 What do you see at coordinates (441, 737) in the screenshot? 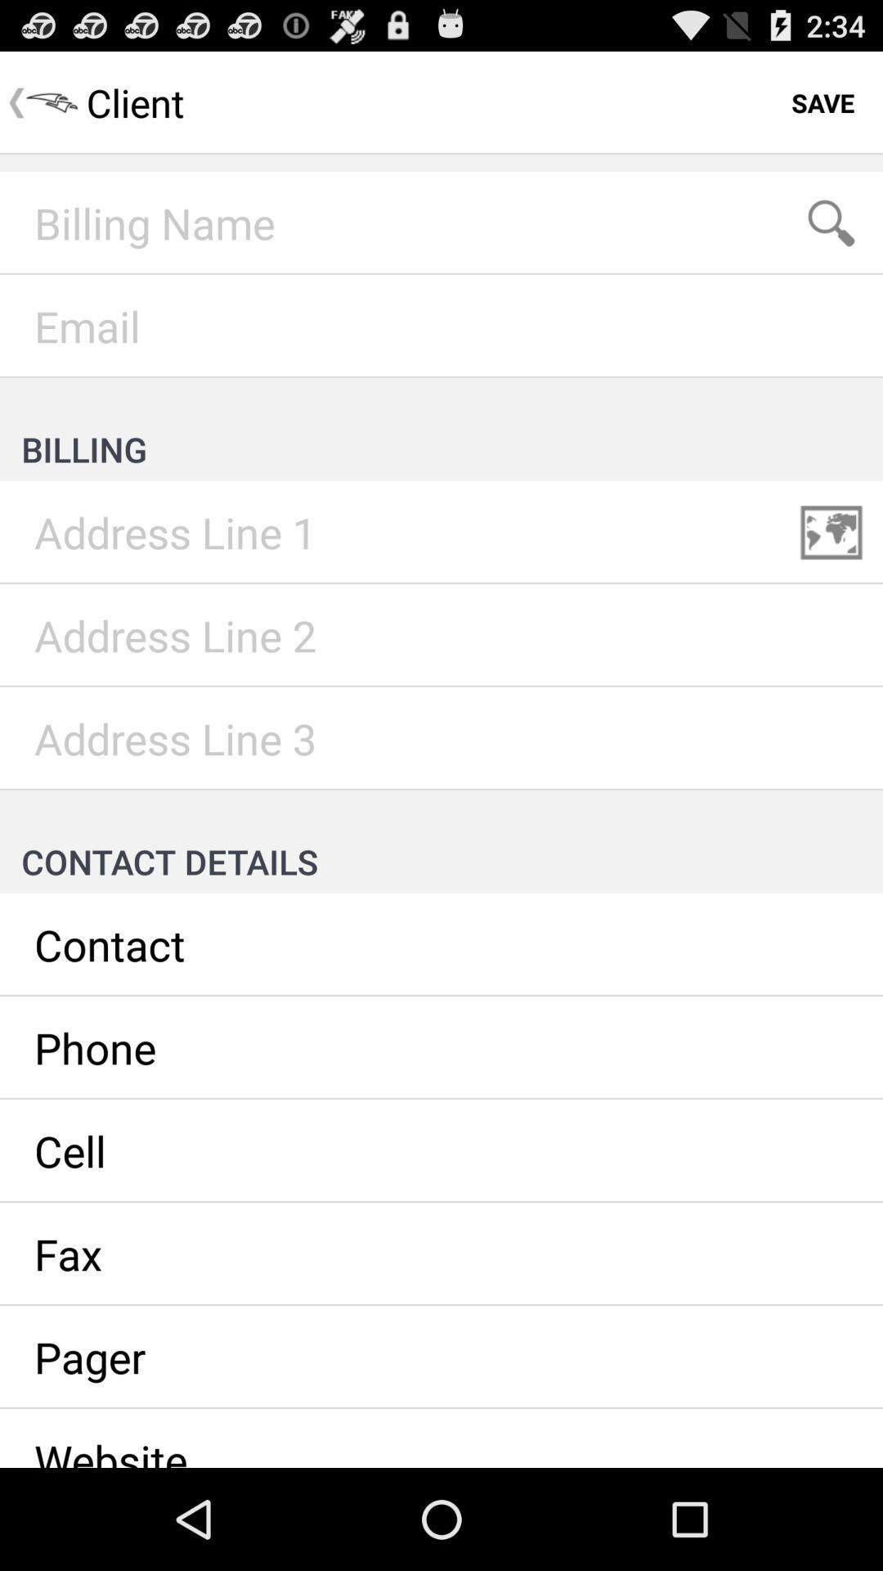
I see `insert address` at bounding box center [441, 737].